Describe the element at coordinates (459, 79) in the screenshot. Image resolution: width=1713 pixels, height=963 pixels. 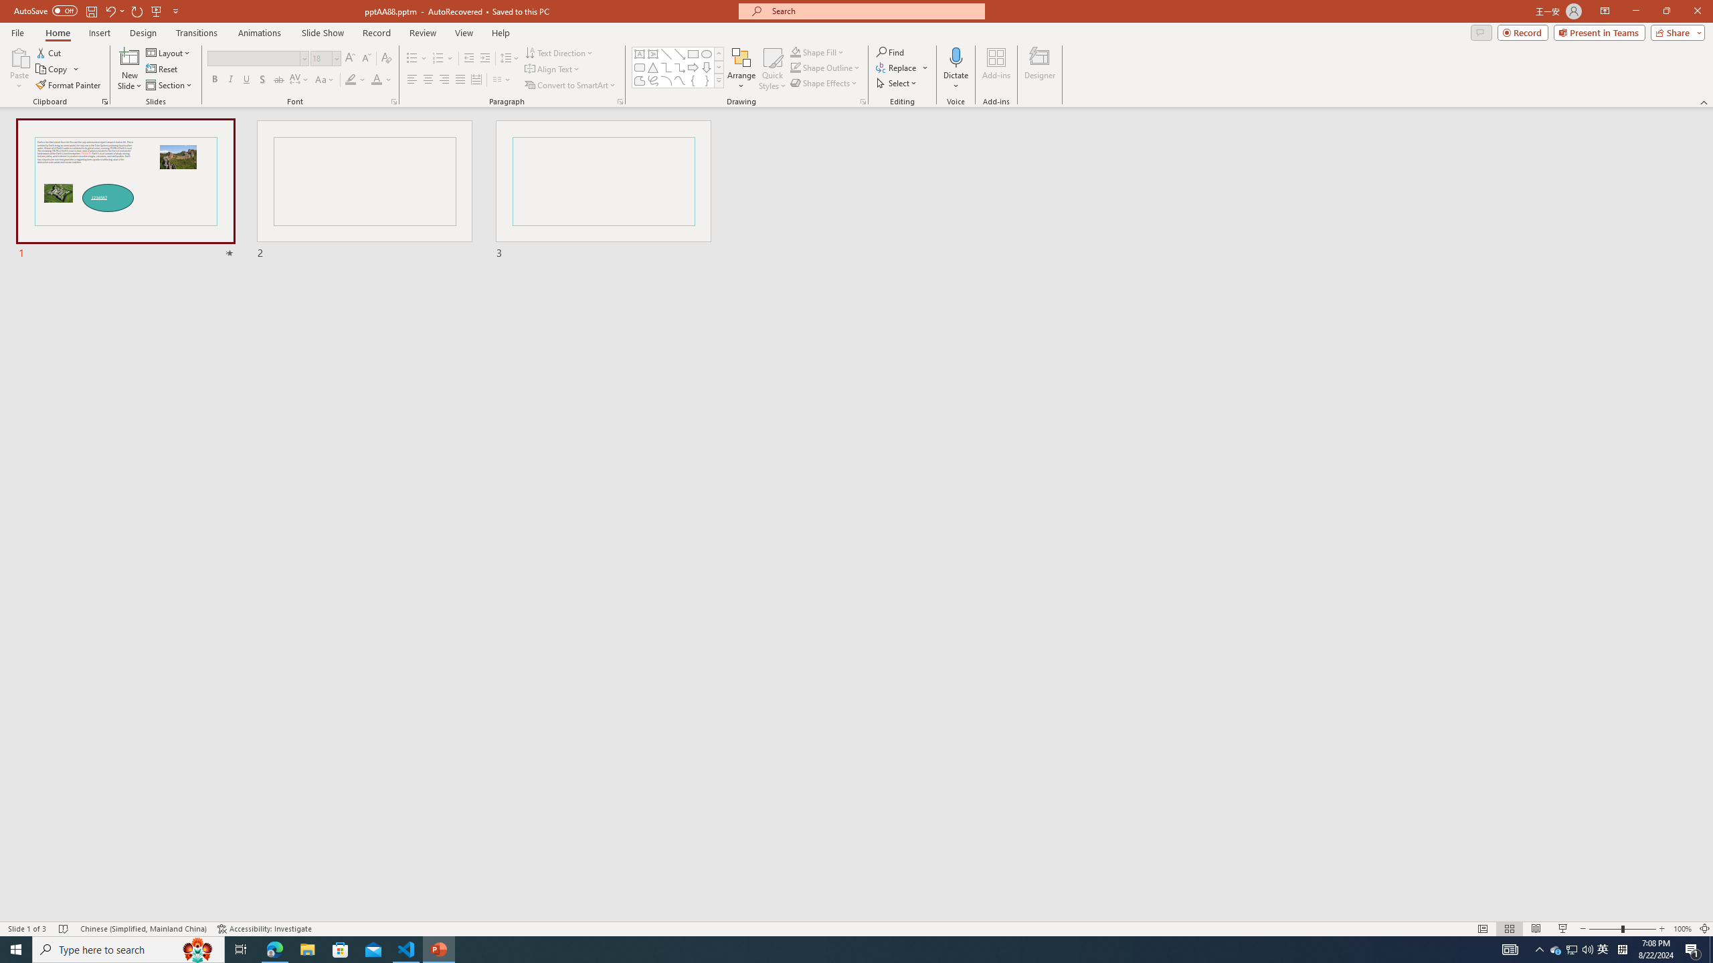
I see `'Justify'` at that location.